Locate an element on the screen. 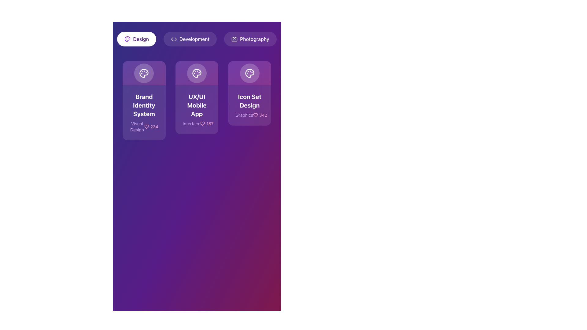 The image size is (587, 330). the Decorative icon that visually represents the 'Brand Identity System' within the first card under the 'Design' tab is located at coordinates (144, 73).